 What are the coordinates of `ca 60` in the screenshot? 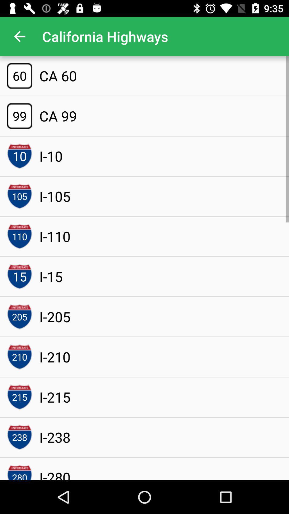 It's located at (58, 75).